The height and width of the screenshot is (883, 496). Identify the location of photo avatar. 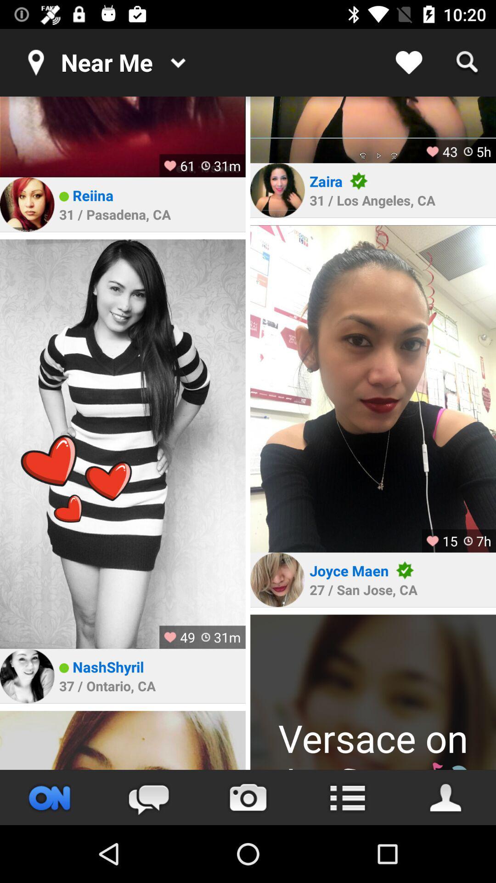
(277, 579).